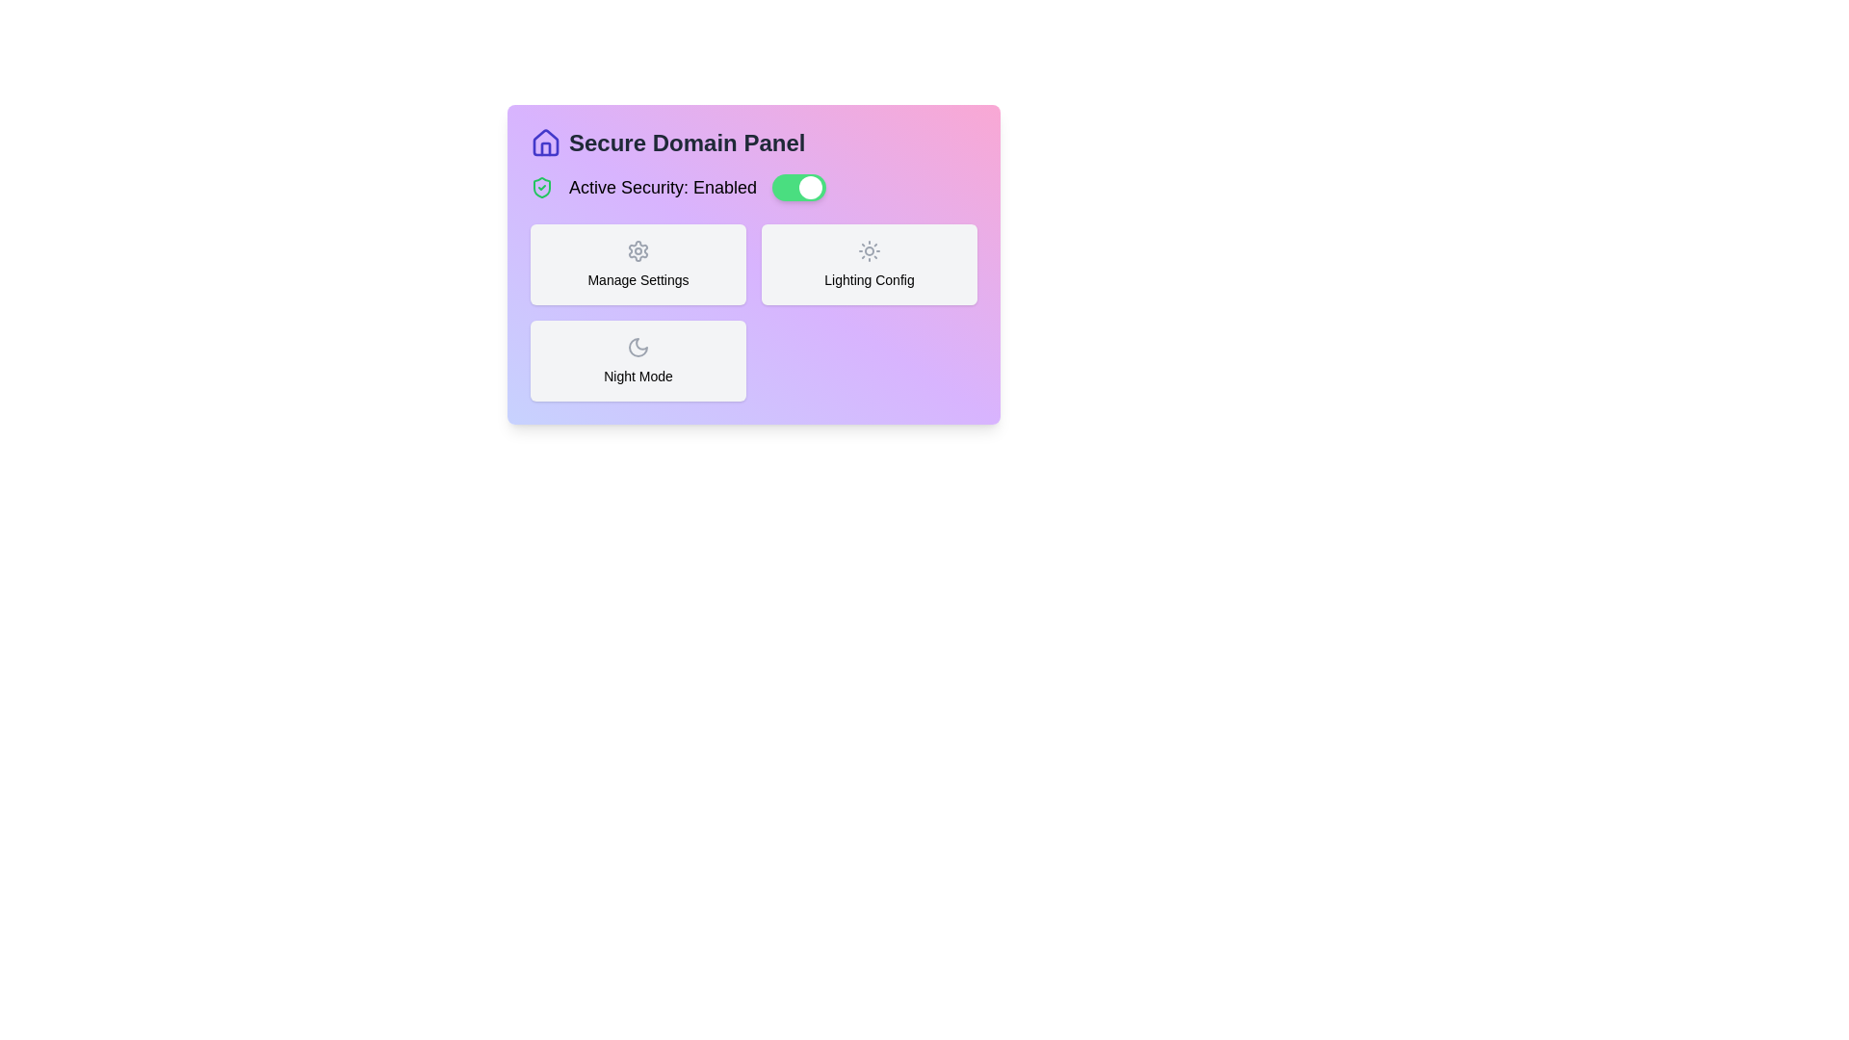 The width and height of the screenshot is (1849, 1040). What do you see at coordinates (638, 250) in the screenshot?
I see `the 'Manage Settings' button, which features a cogwheel vector graphic icon` at bounding box center [638, 250].